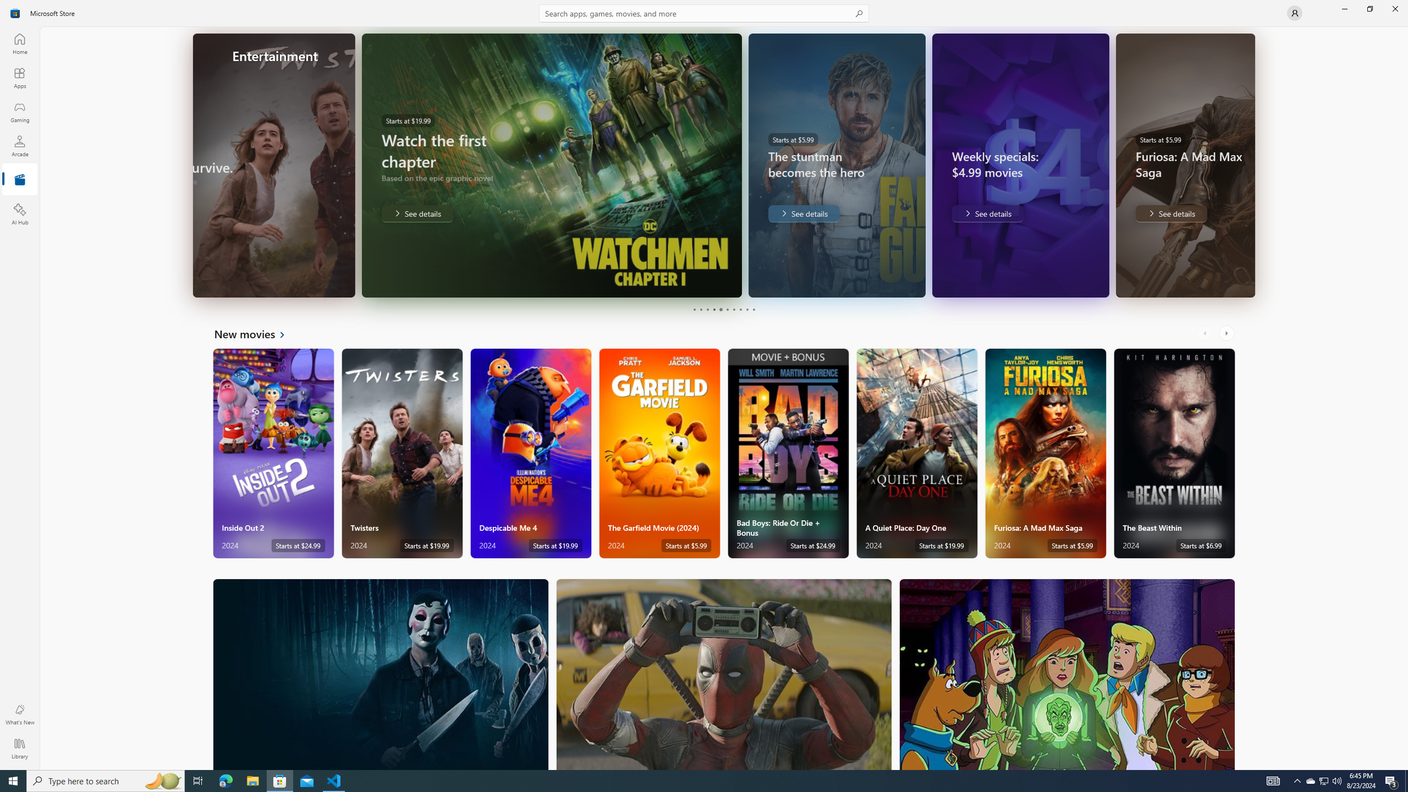 Image resolution: width=1408 pixels, height=792 pixels. Describe the element at coordinates (15, 12) in the screenshot. I see `'Class: Image'` at that location.